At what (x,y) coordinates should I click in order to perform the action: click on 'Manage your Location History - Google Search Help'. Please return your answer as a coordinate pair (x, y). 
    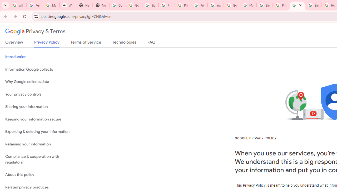
    Looking at the image, I should click on (51, 5).